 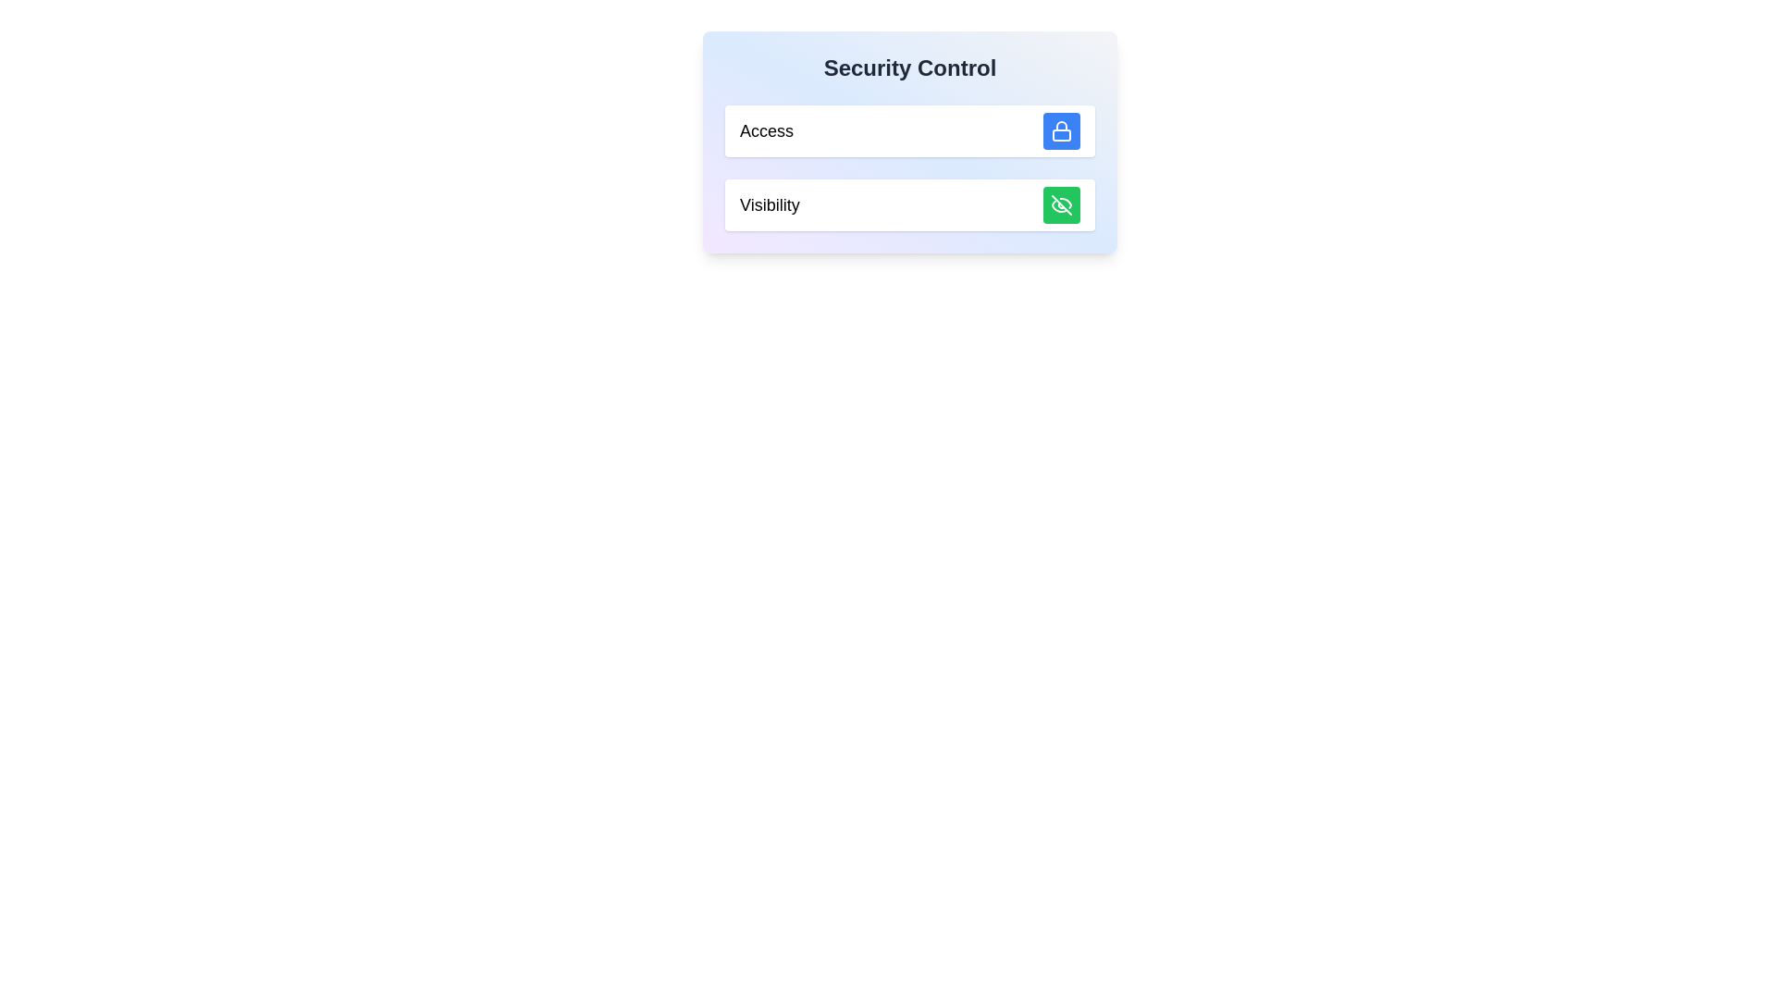 I want to click on the SVG rectangle that visually represents the secure access feature within the blue lock icon in the 'Access' row of the Security Control interface, so click(x=1061, y=134).